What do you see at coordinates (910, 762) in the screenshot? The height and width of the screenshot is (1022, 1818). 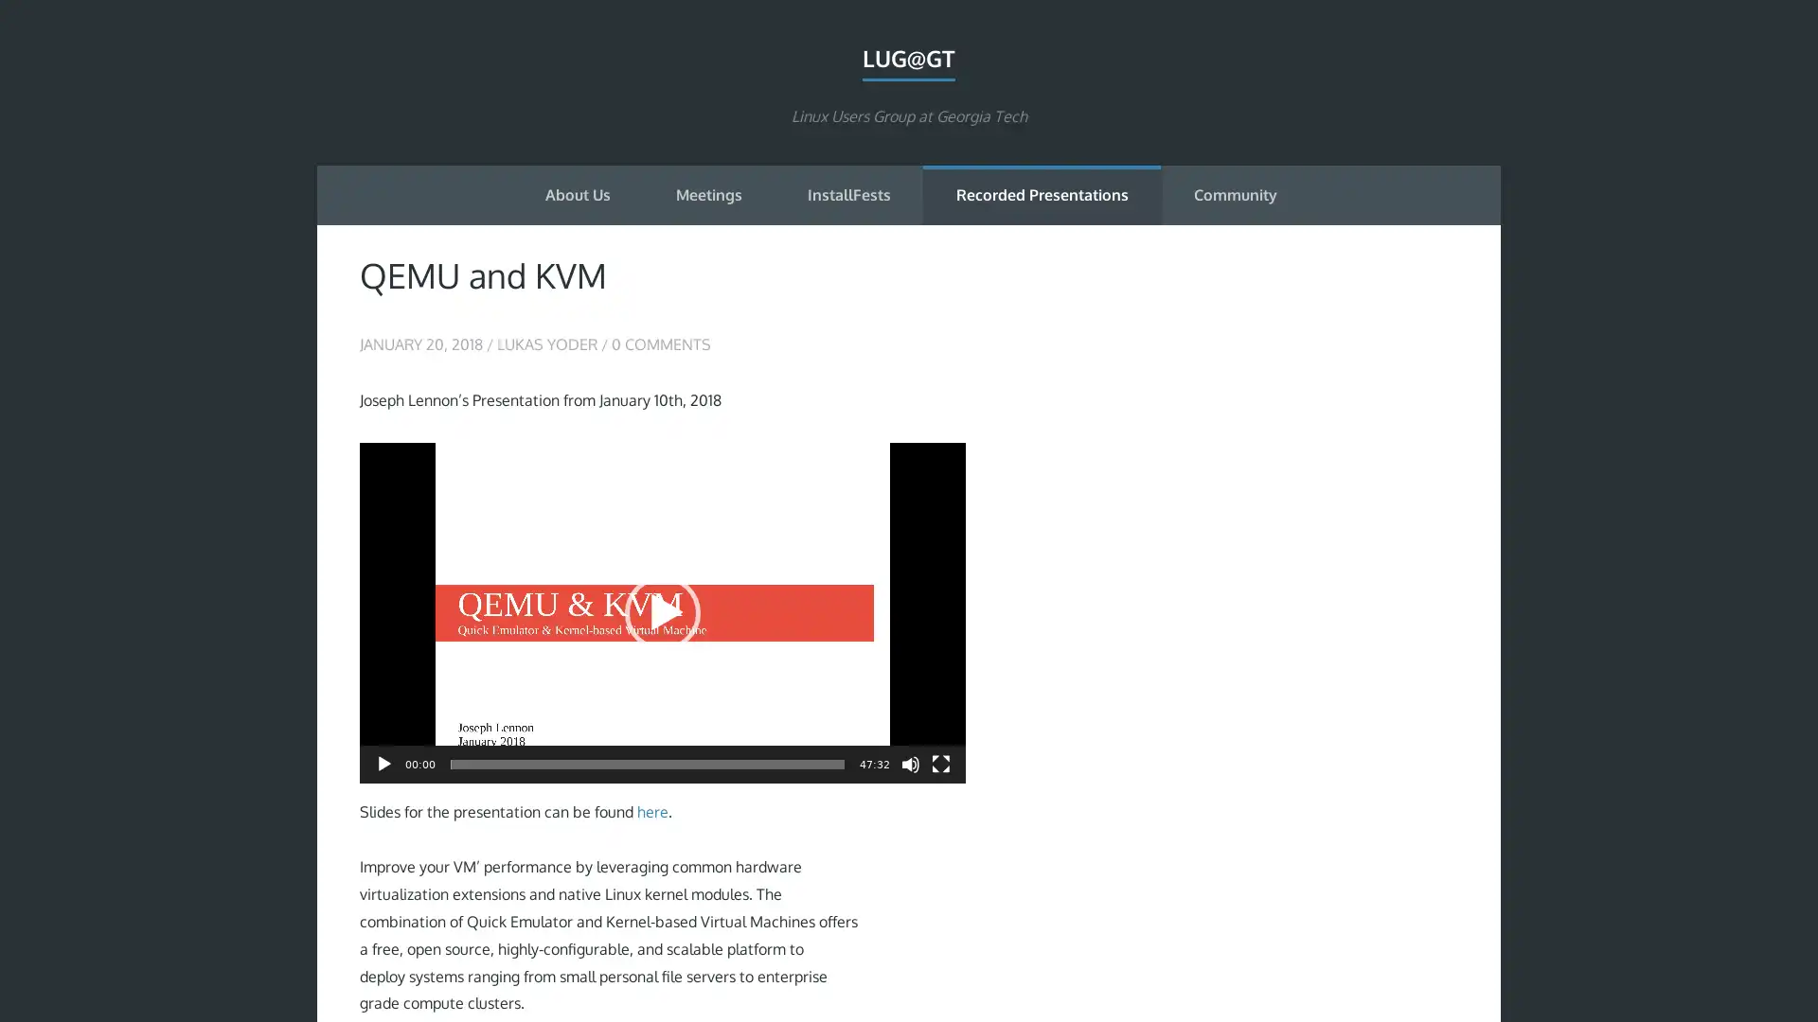 I see `Mute` at bounding box center [910, 762].